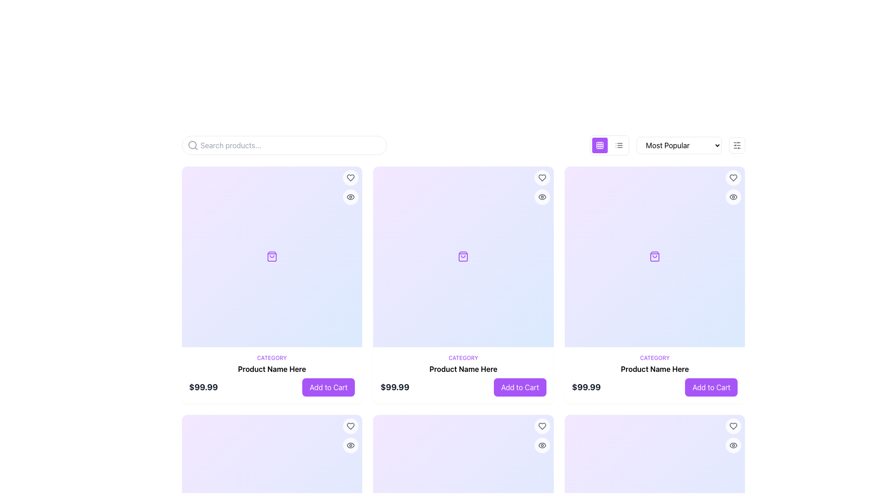 This screenshot has width=878, height=494. Describe the element at coordinates (350, 445) in the screenshot. I see `the preview button located in the lower-right corner of the product card layout` at that location.